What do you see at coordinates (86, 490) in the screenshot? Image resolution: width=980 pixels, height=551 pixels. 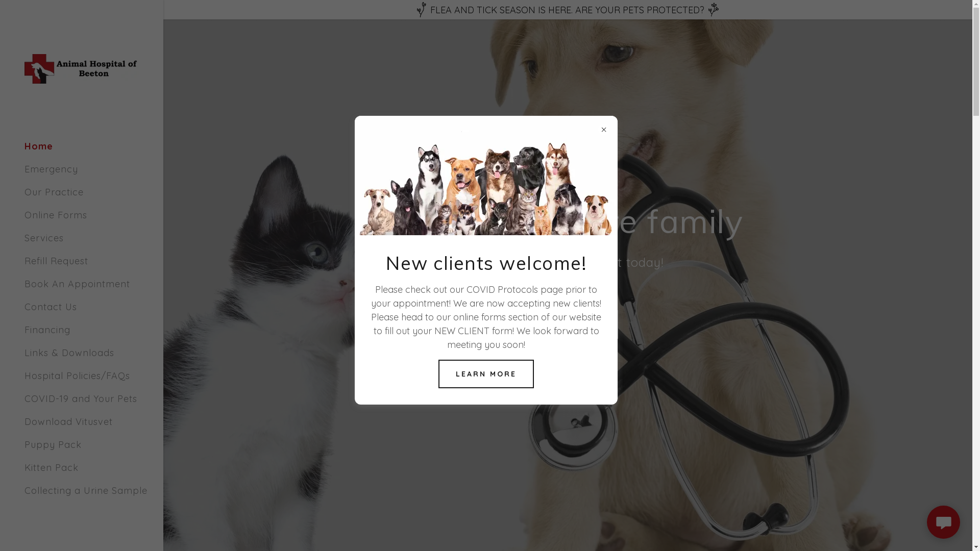 I see `'Collecting a Urine Sample'` at bounding box center [86, 490].